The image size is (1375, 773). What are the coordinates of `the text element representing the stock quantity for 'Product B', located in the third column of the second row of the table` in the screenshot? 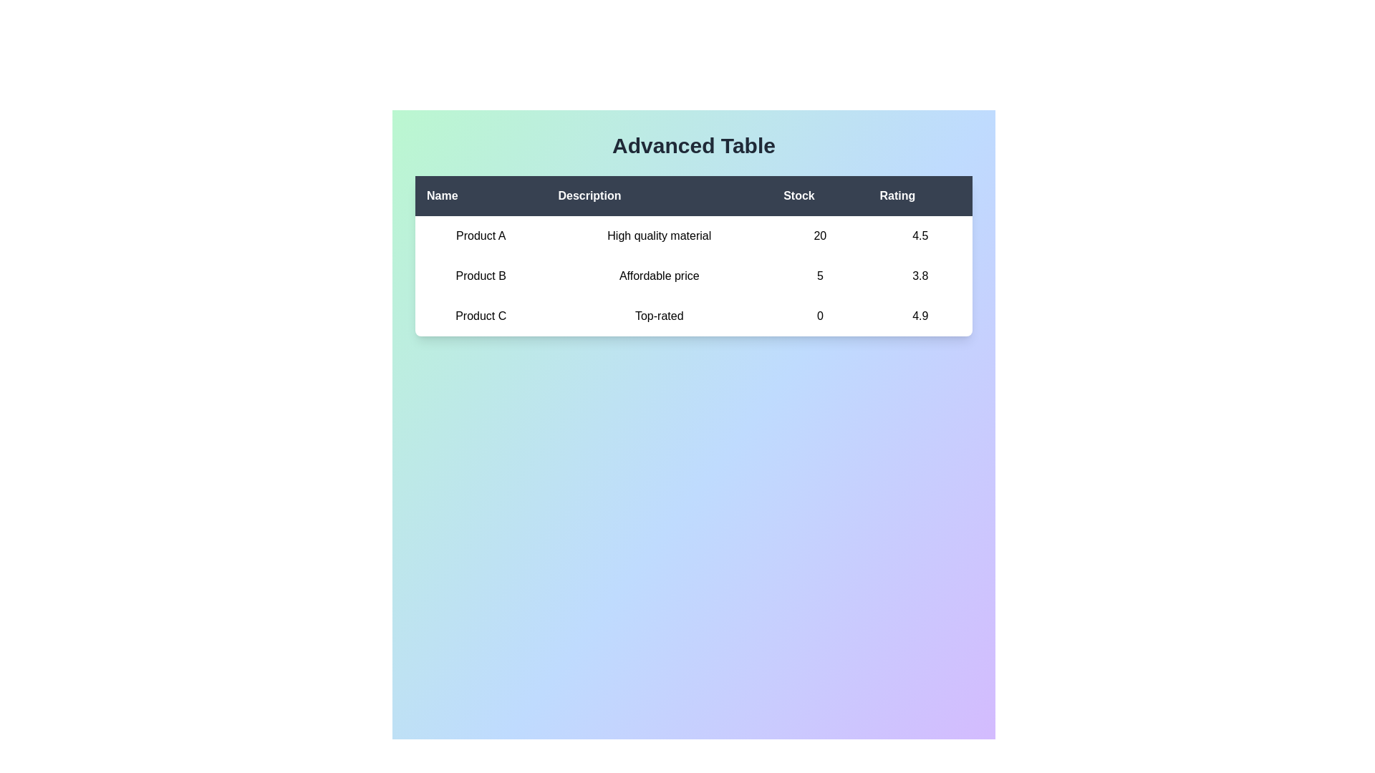 It's located at (820, 276).